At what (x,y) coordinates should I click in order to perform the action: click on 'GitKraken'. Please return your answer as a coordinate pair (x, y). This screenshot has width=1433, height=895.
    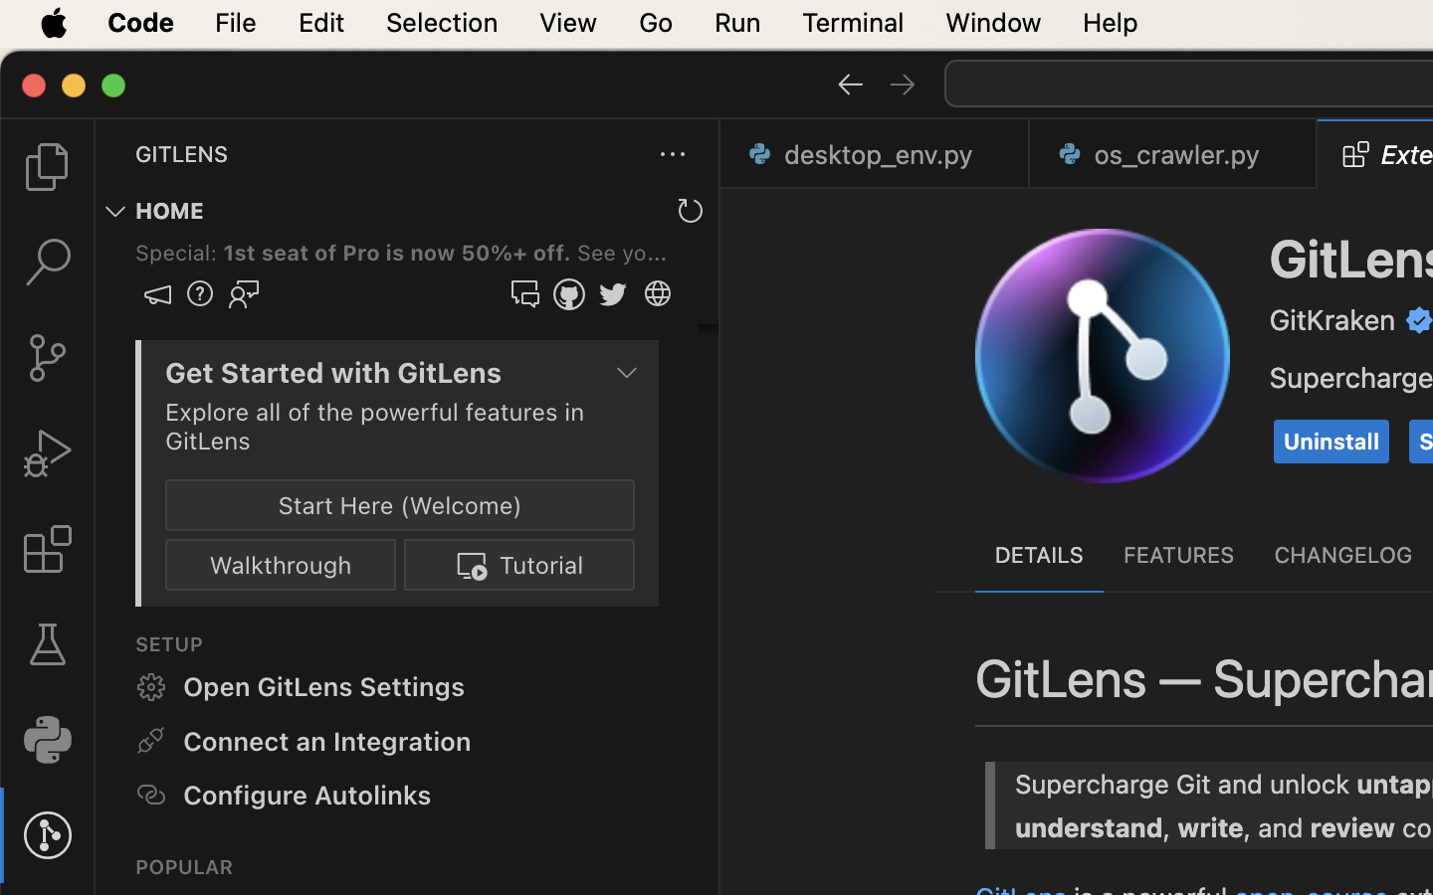
    Looking at the image, I should click on (1332, 319).